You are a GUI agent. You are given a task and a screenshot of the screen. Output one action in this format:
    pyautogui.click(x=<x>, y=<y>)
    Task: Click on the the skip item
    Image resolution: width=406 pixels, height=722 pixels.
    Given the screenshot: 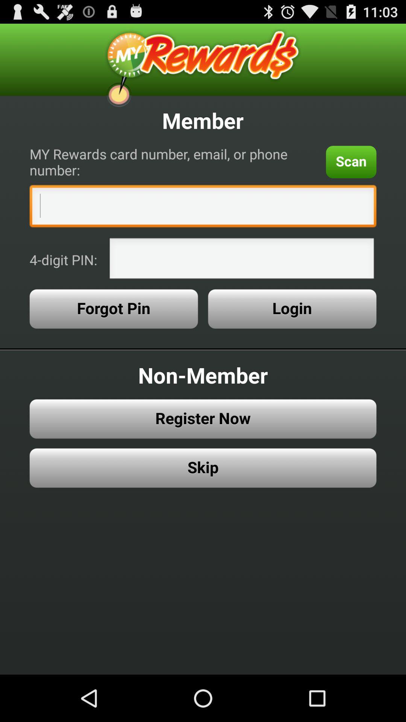 What is the action you would take?
    pyautogui.click(x=203, y=467)
    